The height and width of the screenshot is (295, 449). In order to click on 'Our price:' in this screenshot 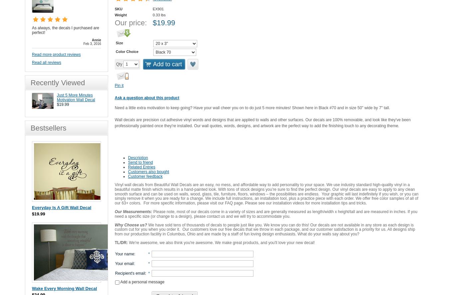, I will do `click(130, 22)`.